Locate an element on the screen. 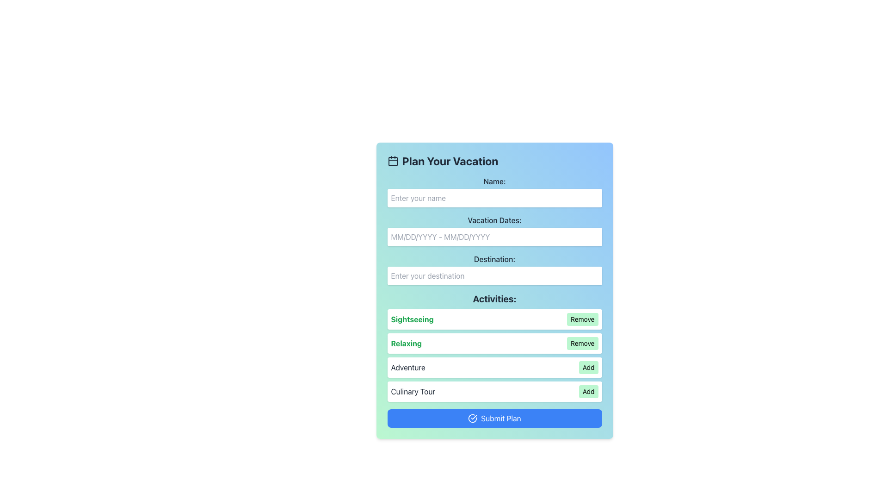 This screenshot has width=888, height=500. the 'Sightseeing' text label, which is styled in green and bold, located within a white horizontal bar on the left side of the 'SightseeingRemove' bar in the 'Activities' list is located at coordinates (412, 319).